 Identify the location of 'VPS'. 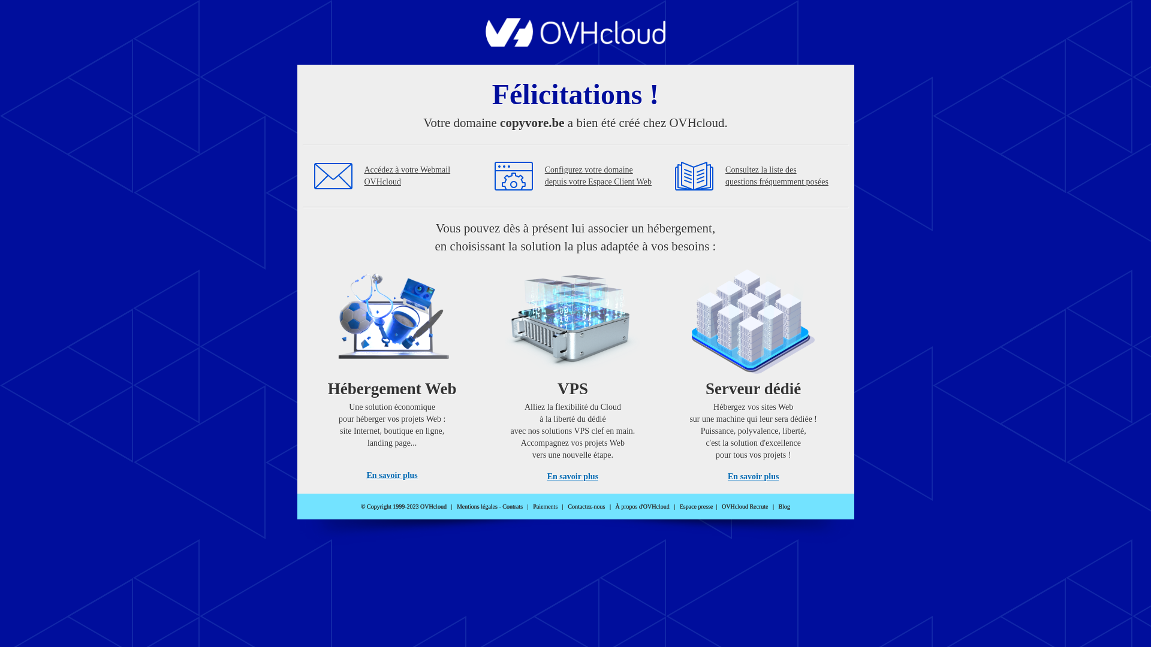
(572, 370).